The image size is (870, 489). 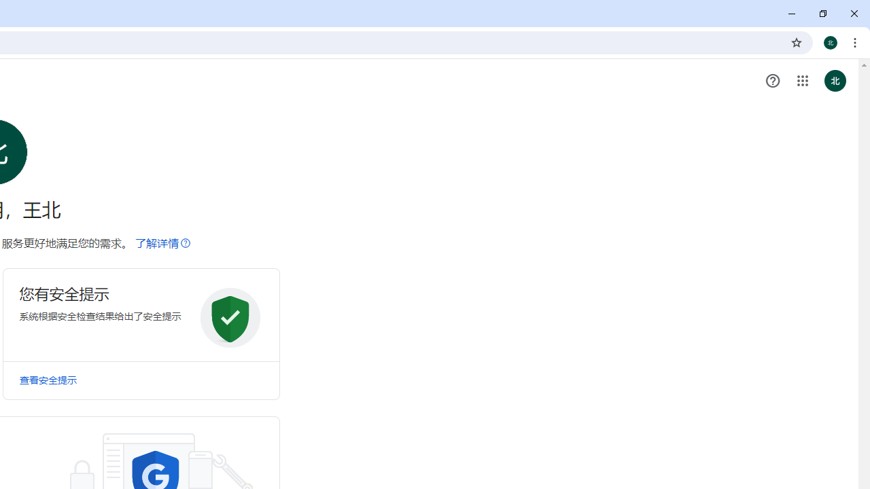 I want to click on 'Bookmark this tab', so click(x=796, y=41).